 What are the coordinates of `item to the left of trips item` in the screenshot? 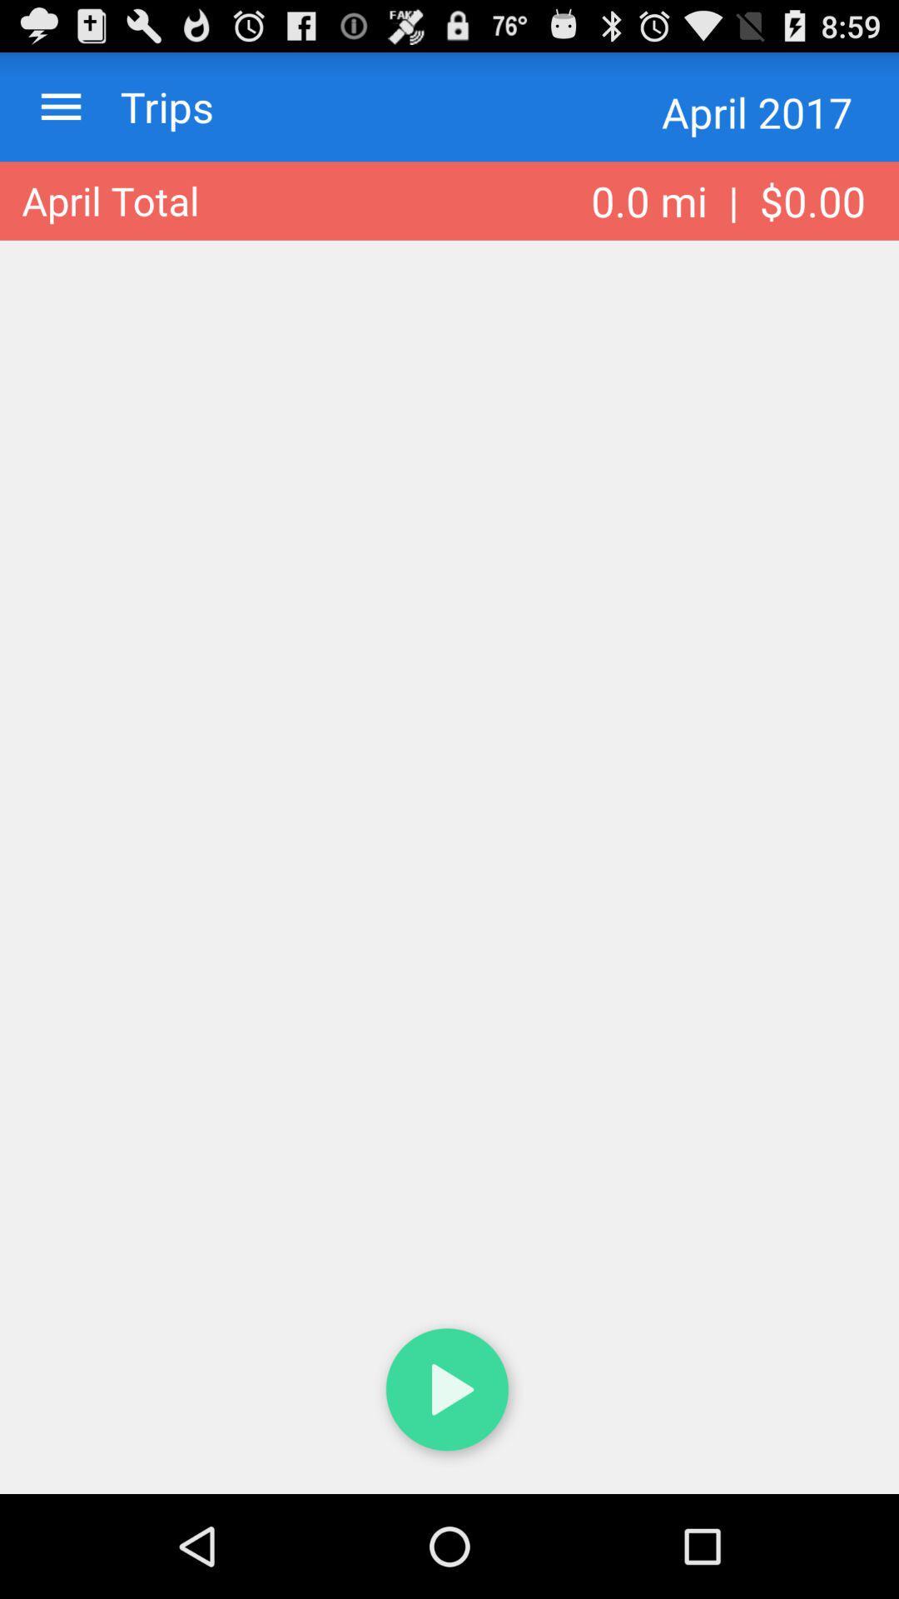 It's located at (60, 106).